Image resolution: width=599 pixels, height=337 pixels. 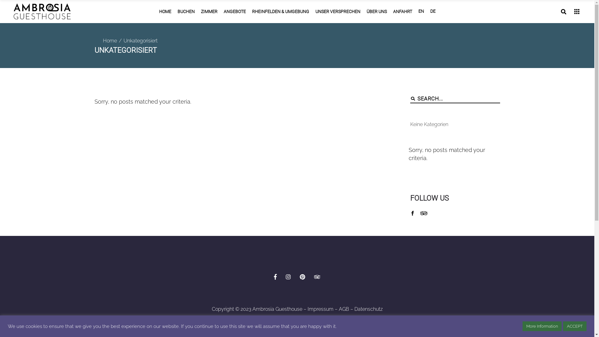 I want to click on 'Search for:', so click(x=459, y=98).